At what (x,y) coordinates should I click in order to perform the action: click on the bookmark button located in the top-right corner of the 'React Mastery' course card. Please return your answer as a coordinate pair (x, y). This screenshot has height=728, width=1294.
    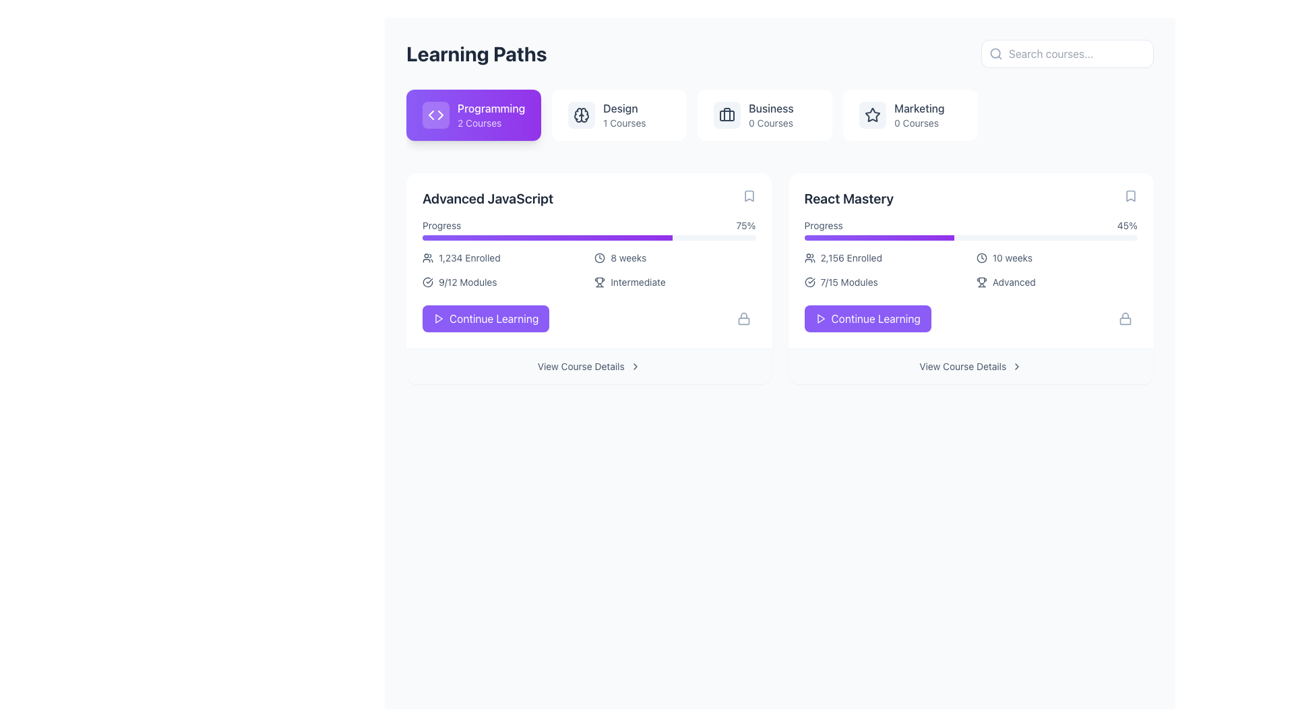
    Looking at the image, I should click on (1131, 195).